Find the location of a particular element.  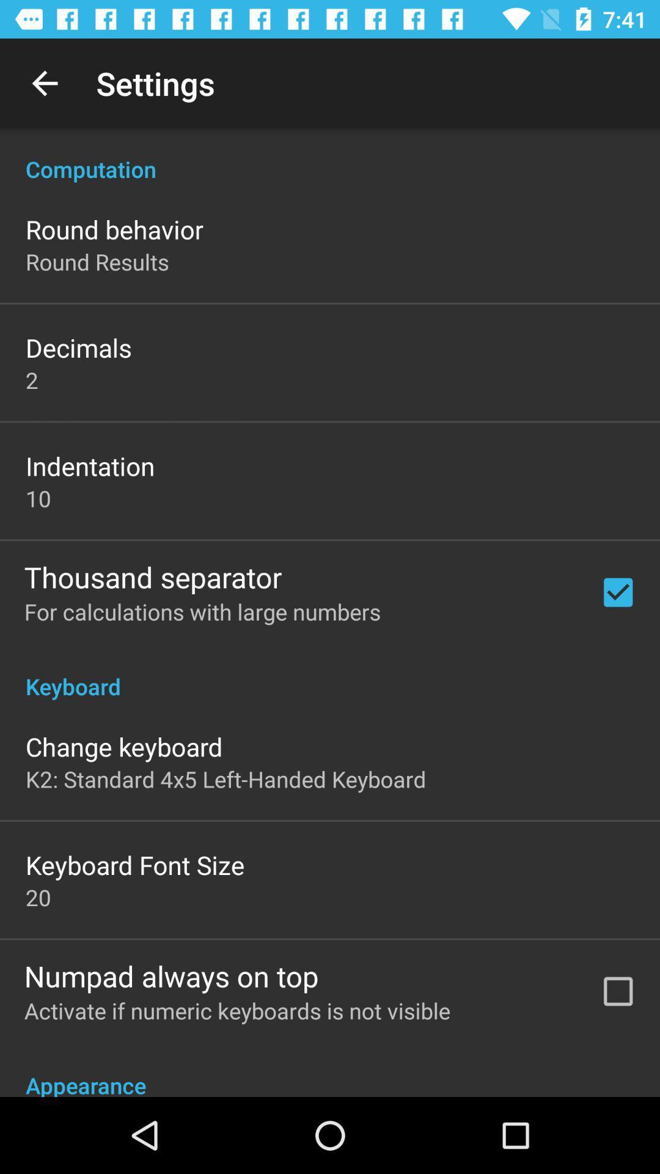

the item below the 2 icon is located at coordinates (89, 465).